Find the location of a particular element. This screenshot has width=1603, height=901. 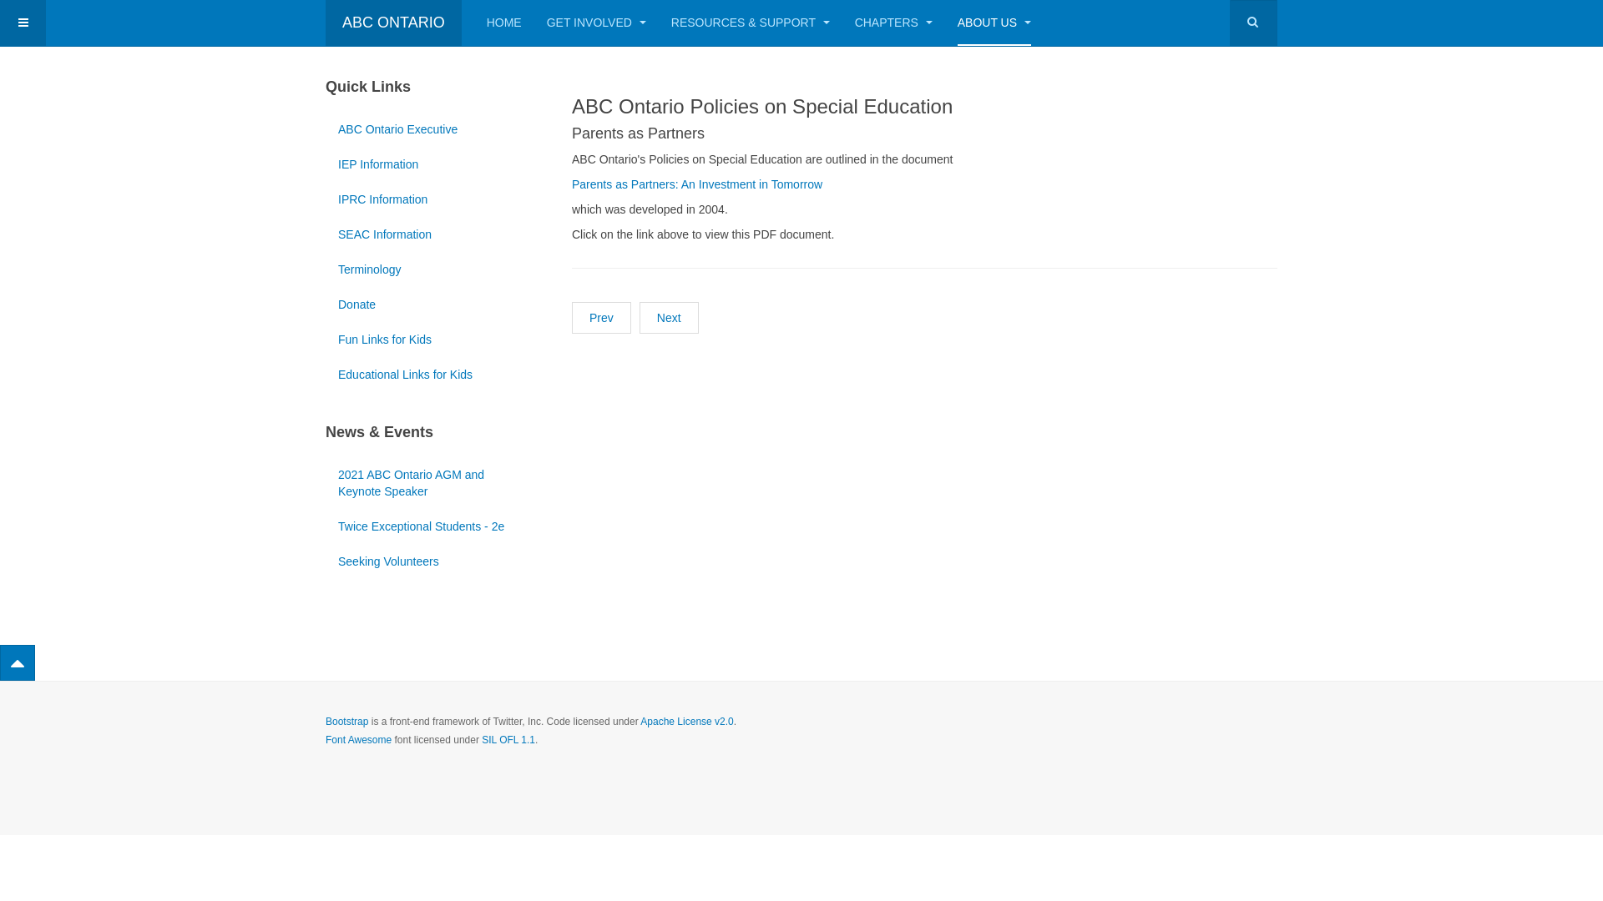

'Fun Links for Kids' is located at coordinates (432, 339).